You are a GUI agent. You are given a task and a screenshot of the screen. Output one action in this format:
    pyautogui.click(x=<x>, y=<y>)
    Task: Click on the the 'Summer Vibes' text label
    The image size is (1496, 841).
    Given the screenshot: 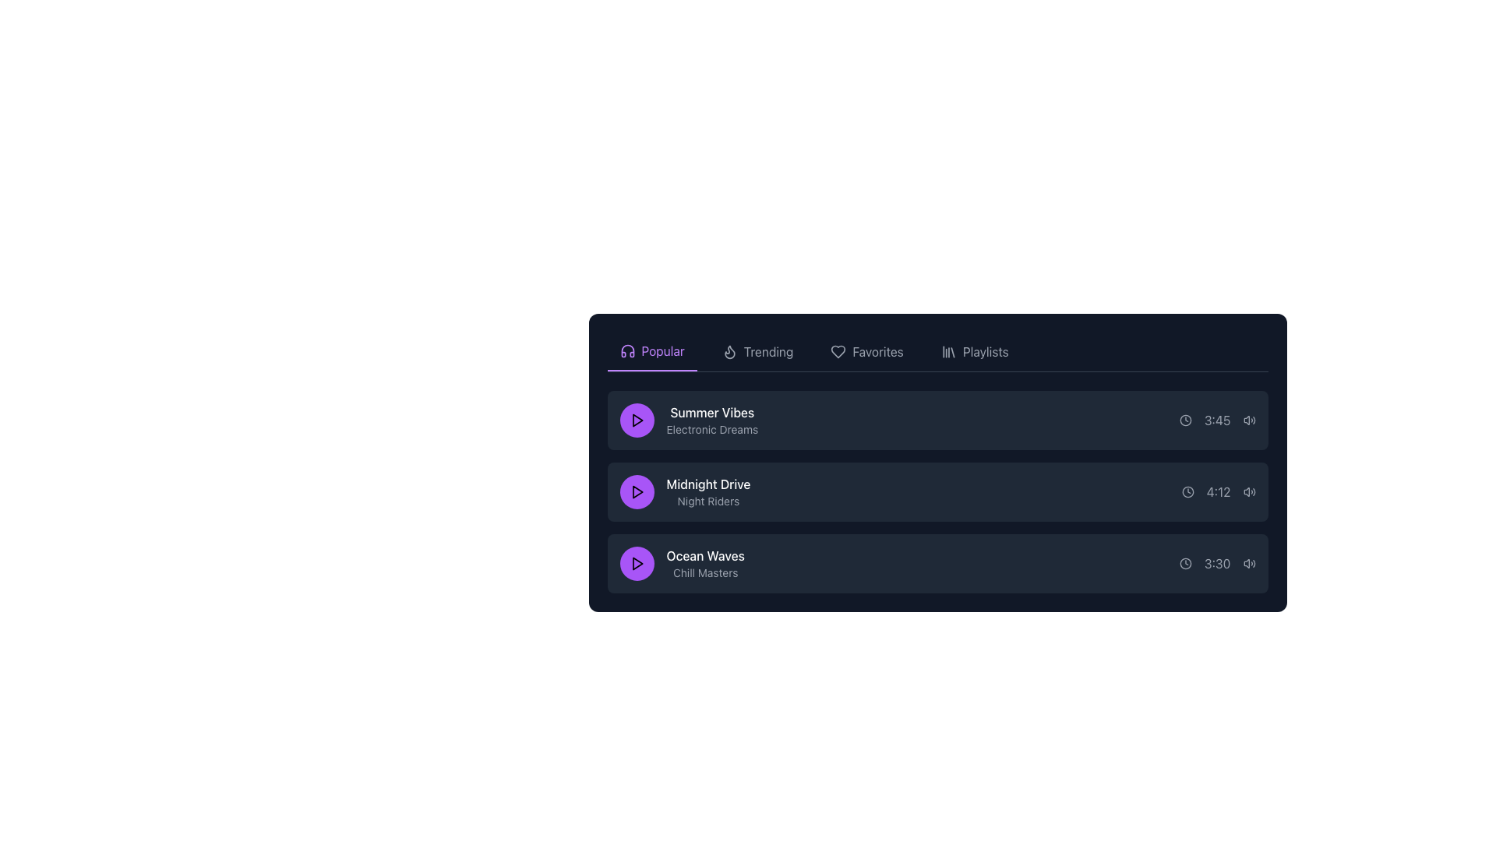 What is the action you would take?
    pyautogui.click(x=711, y=411)
    